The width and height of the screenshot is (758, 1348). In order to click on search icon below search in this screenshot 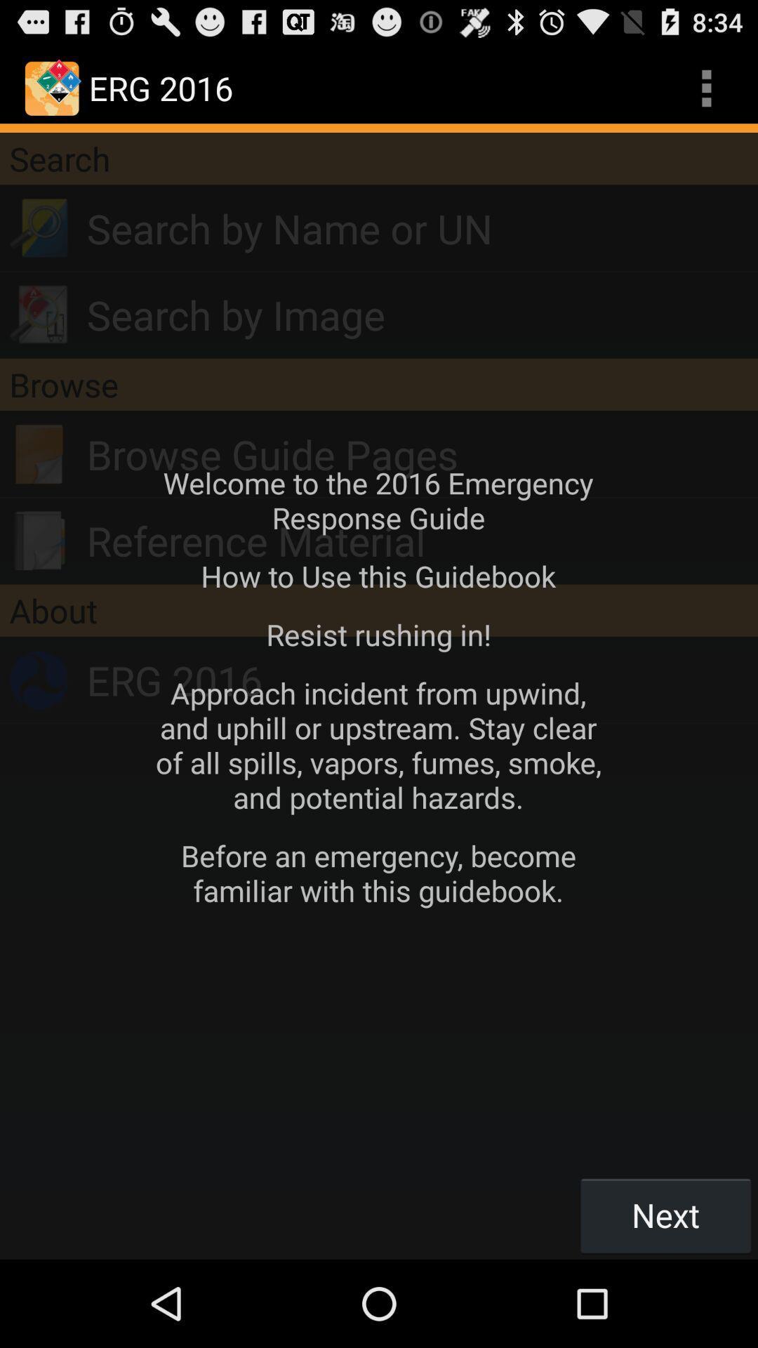, I will do `click(39, 229)`.